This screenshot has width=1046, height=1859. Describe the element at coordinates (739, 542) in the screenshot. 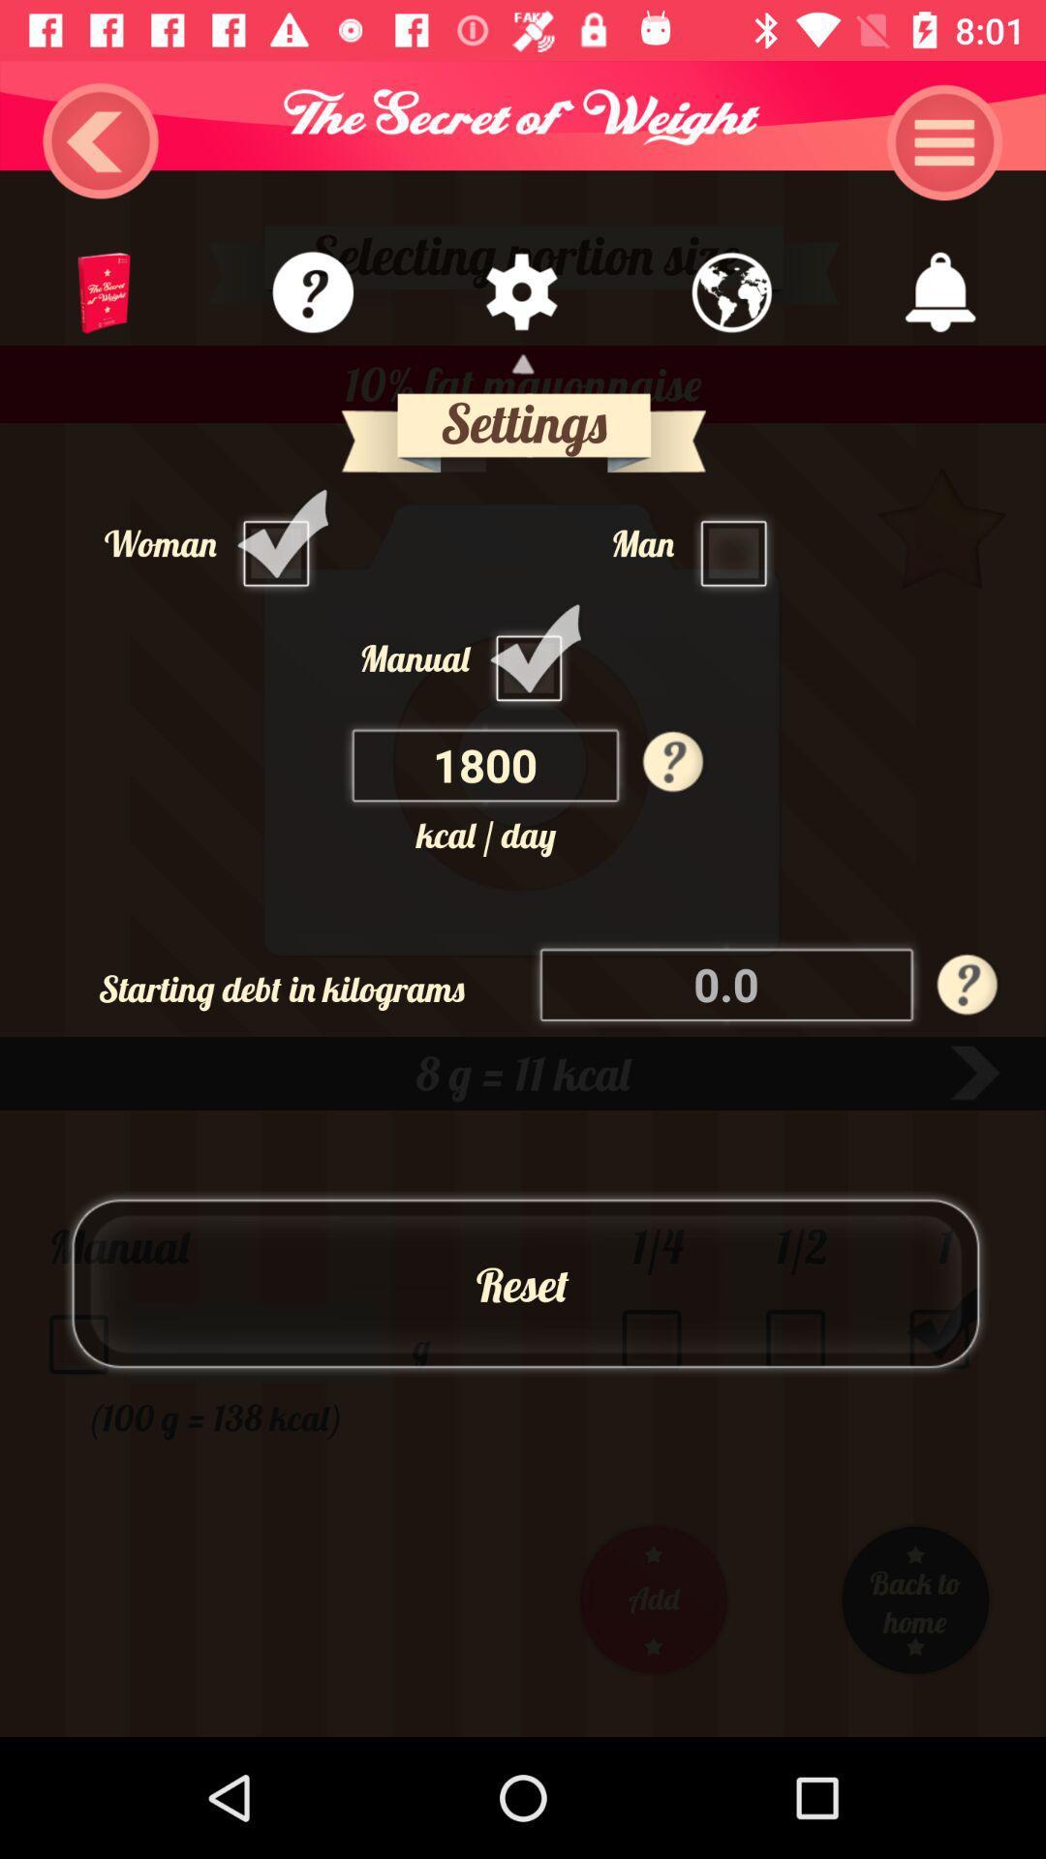

I see `your gender option` at that location.